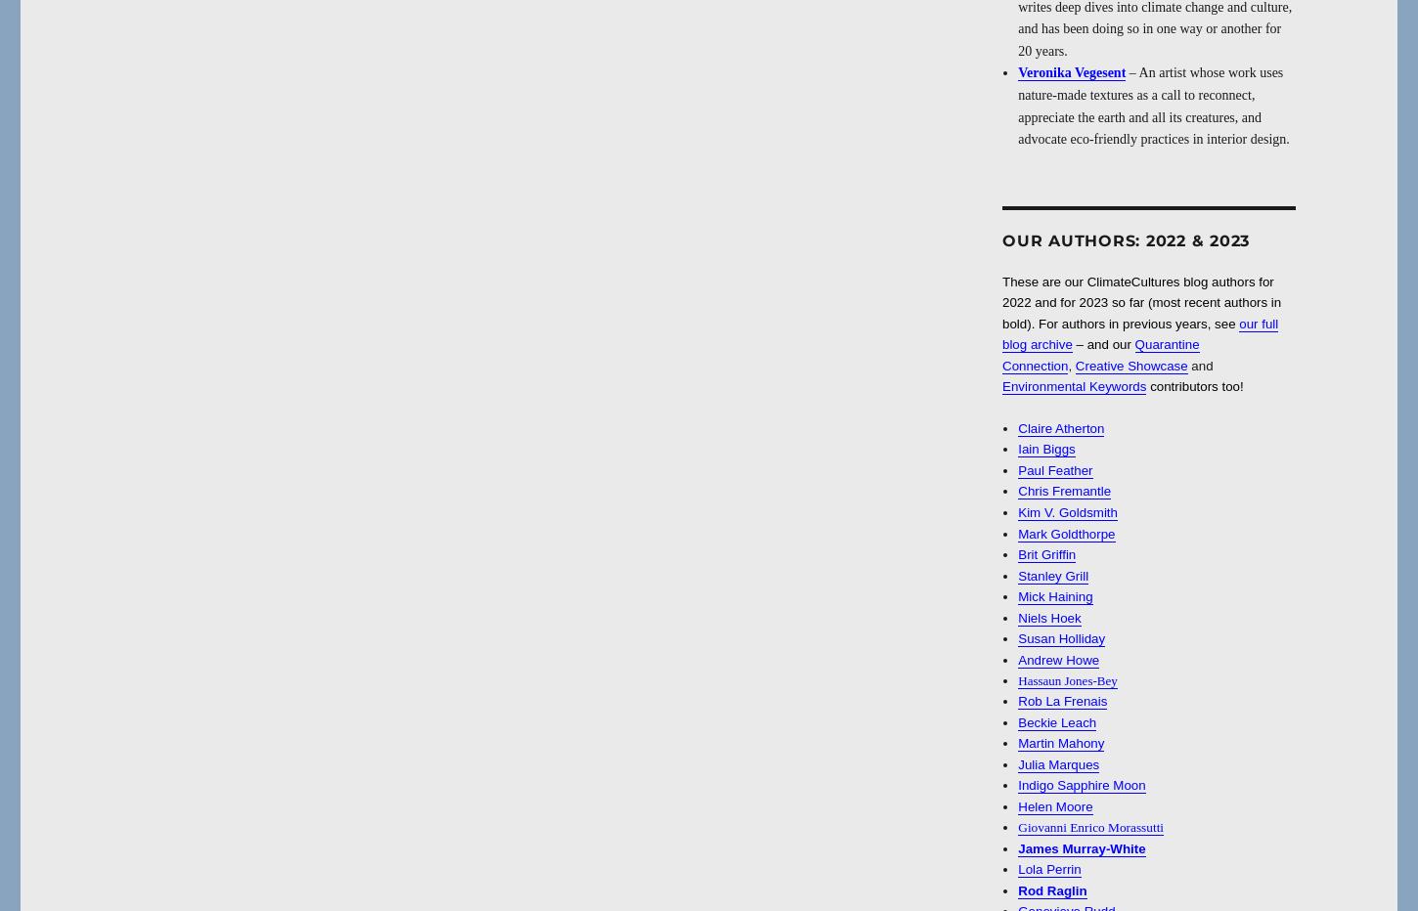 This screenshot has width=1418, height=911. Describe the element at coordinates (1054, 468) in the screenshot. I see `'Paul Feather'` at that location.